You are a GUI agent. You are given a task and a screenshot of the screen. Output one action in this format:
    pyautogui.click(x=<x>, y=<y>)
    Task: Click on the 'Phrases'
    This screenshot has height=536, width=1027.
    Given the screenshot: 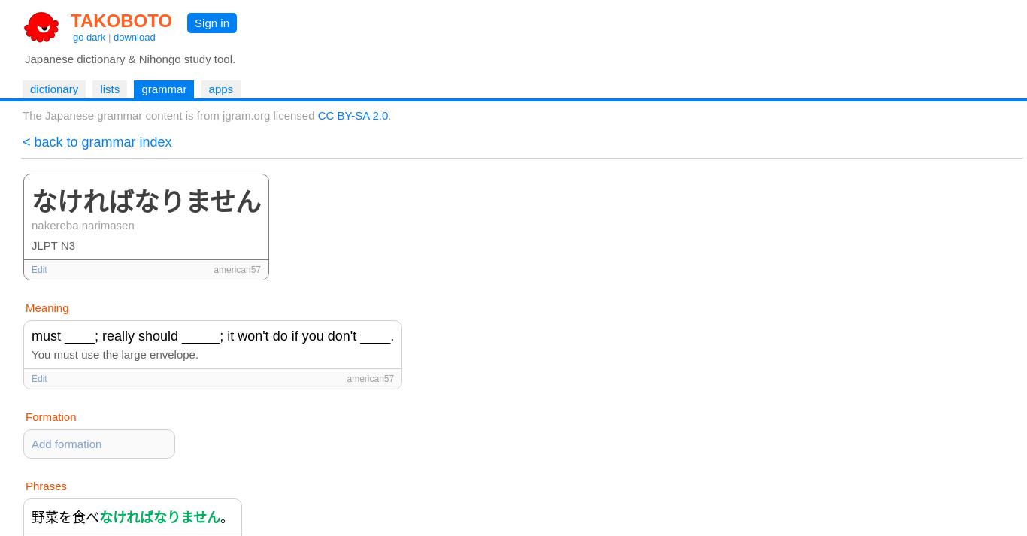 What is the action you would take?
    pyautogui.click(x=46, y=486)
    